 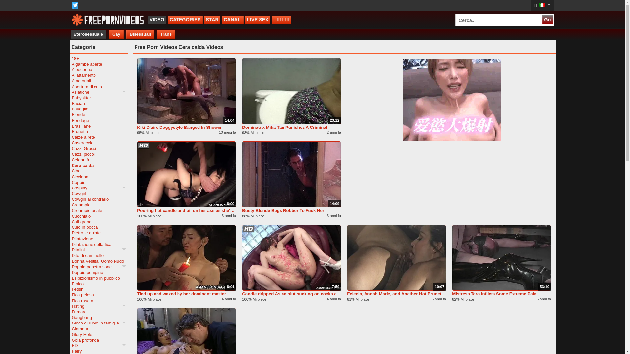 I want to click on '53:10', so click(x=501, y=257).